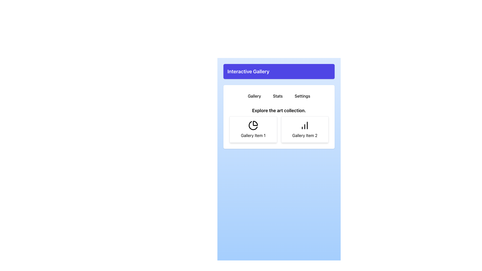 This screenshot has width=482, height=271. I want to click on the selectable card representing 'Gallery Item 2' in the gallery list, so click(305, 129).